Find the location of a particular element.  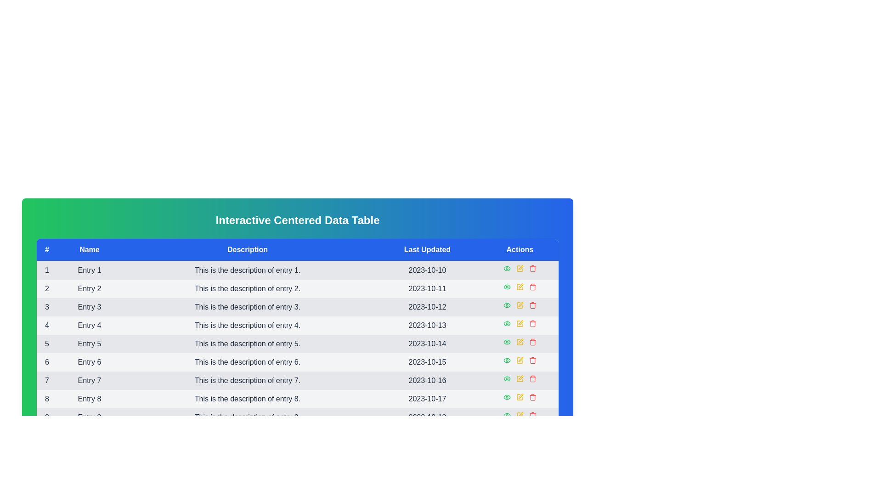

the column header to sort the data by # is located at coordinates (46, 250).